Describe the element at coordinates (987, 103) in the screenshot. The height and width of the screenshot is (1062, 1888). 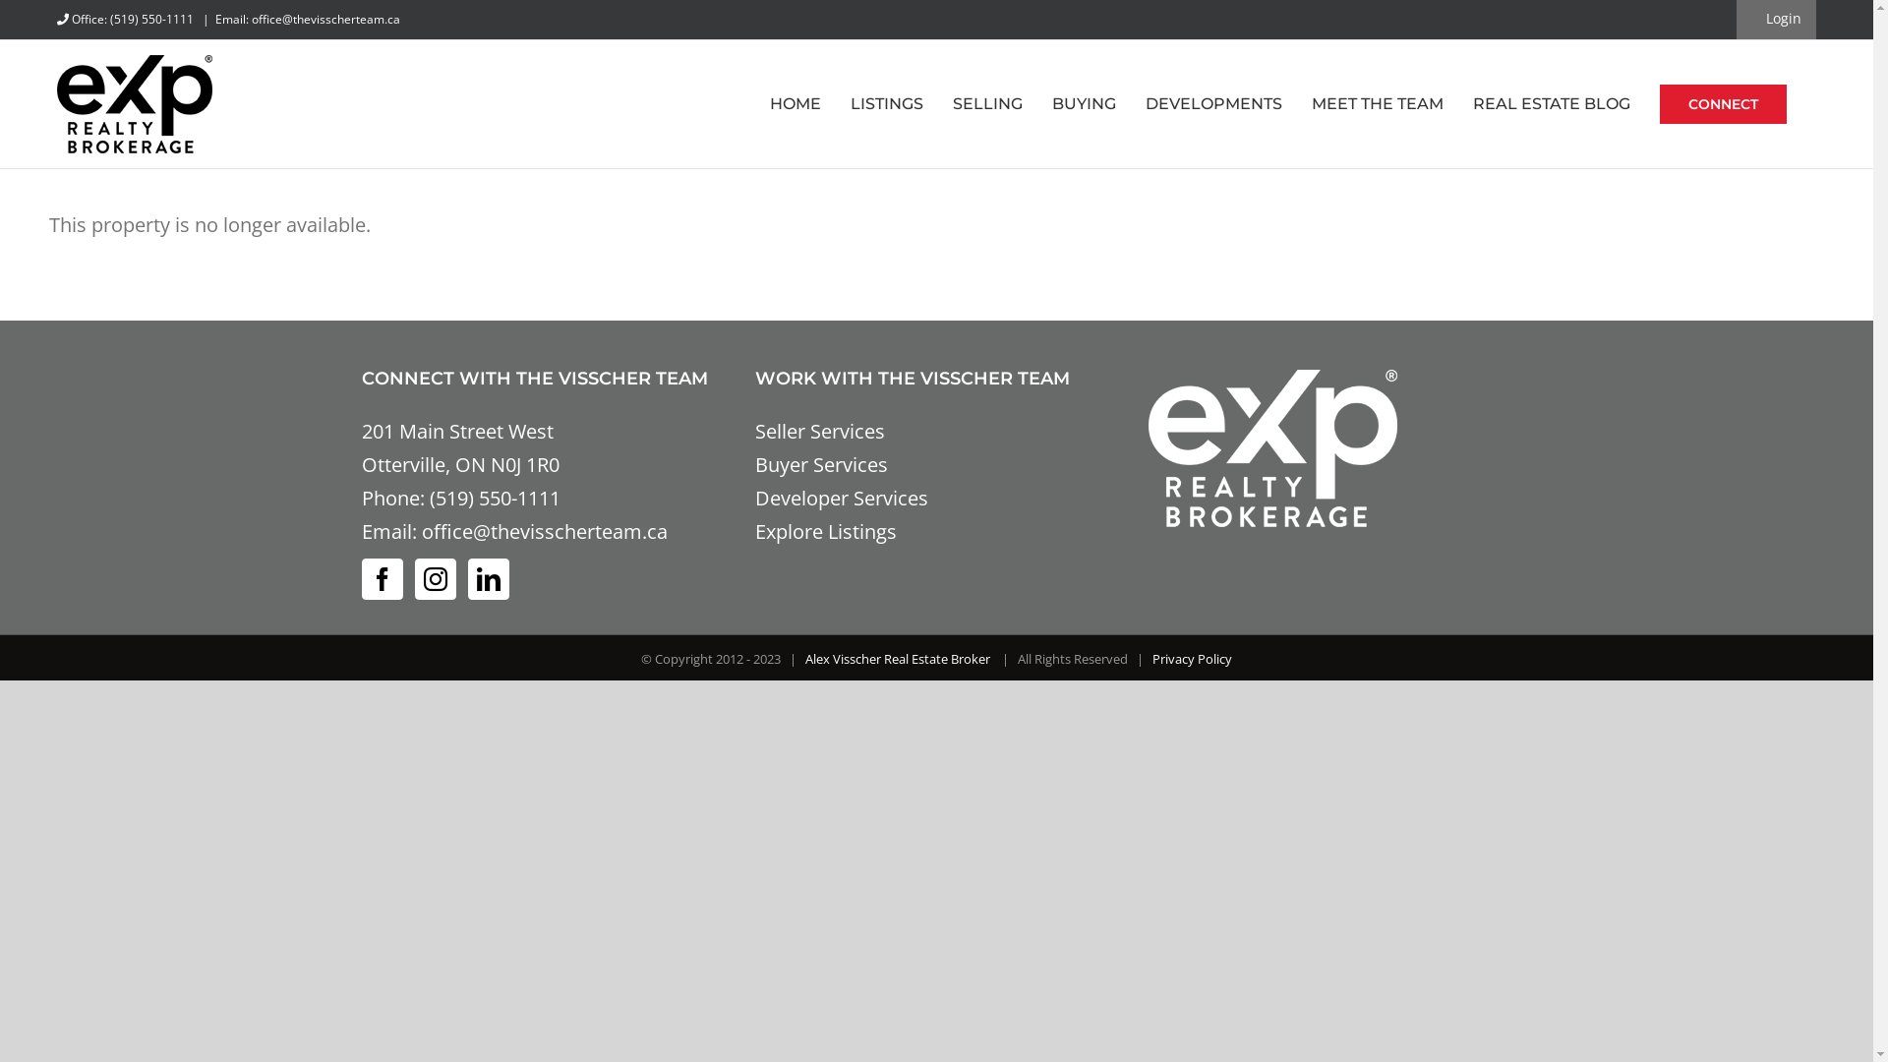
I see `'SELLING'` at that location.